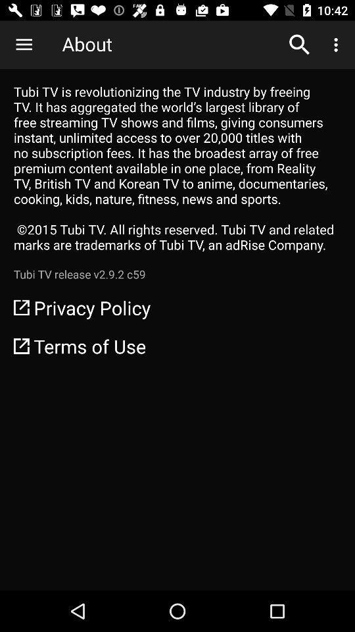 Image resolution: width=355 pixels, height=632 pixels. What do you see at coordinates (177, 307) in the screenshot?
I see `privacy policy item` at bounding box center [177, 307].